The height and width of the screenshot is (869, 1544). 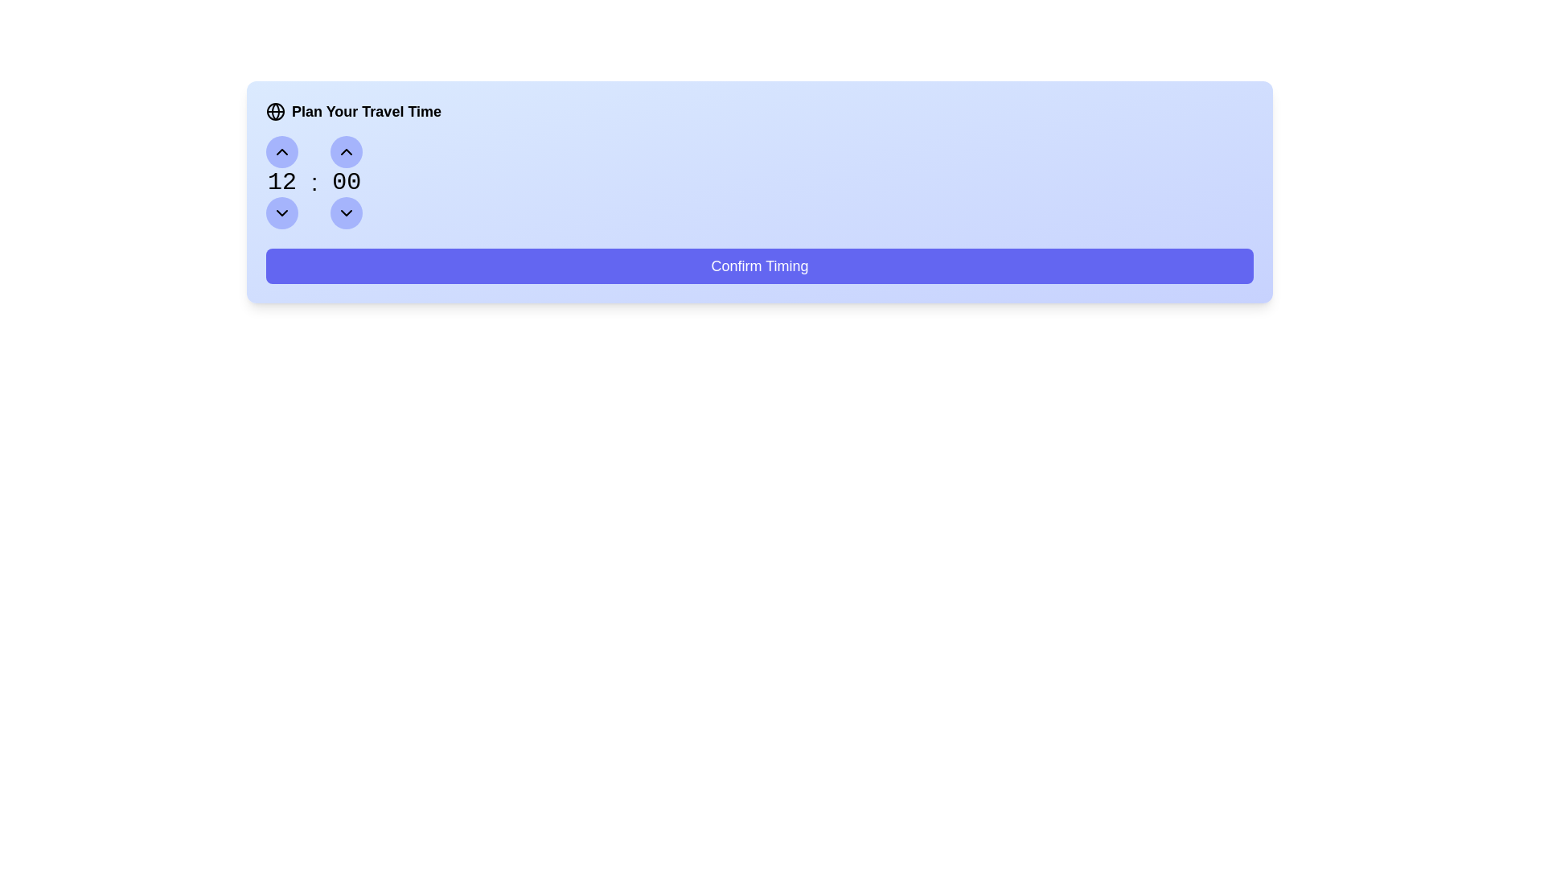 What do you see at coordinates (281, 212) in the screenshot?
I see `the downward-pointing chevron arrow icon within the circular indigo button located underneath the hour '12' numeric control` at bounding box center [281, 212].